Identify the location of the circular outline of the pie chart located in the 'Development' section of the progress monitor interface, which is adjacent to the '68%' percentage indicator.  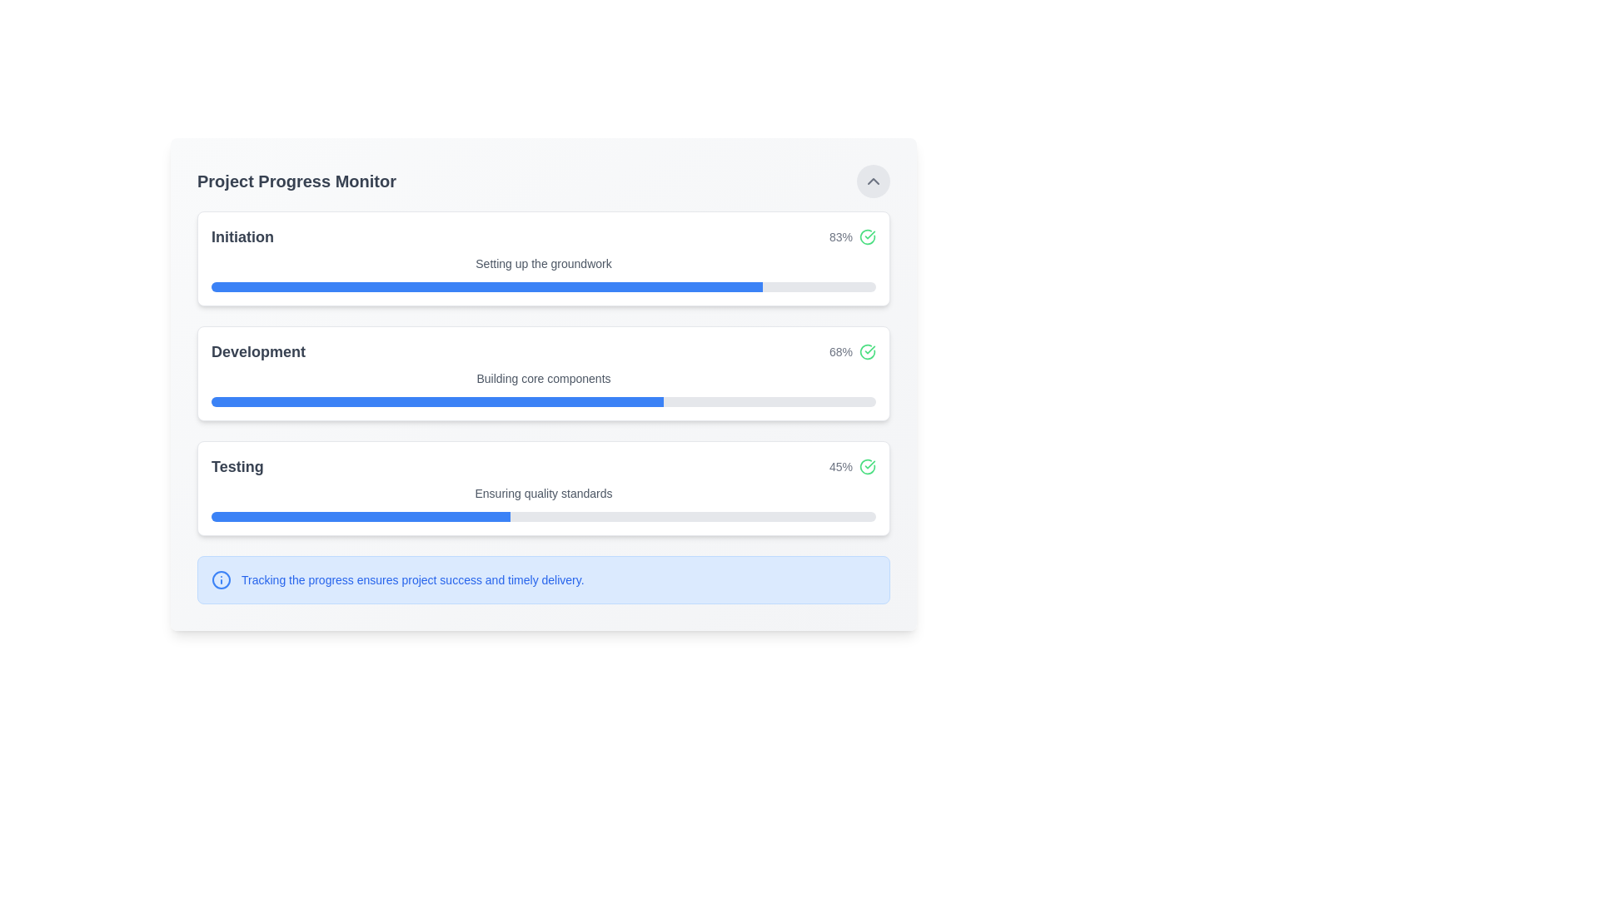
(866, 351).